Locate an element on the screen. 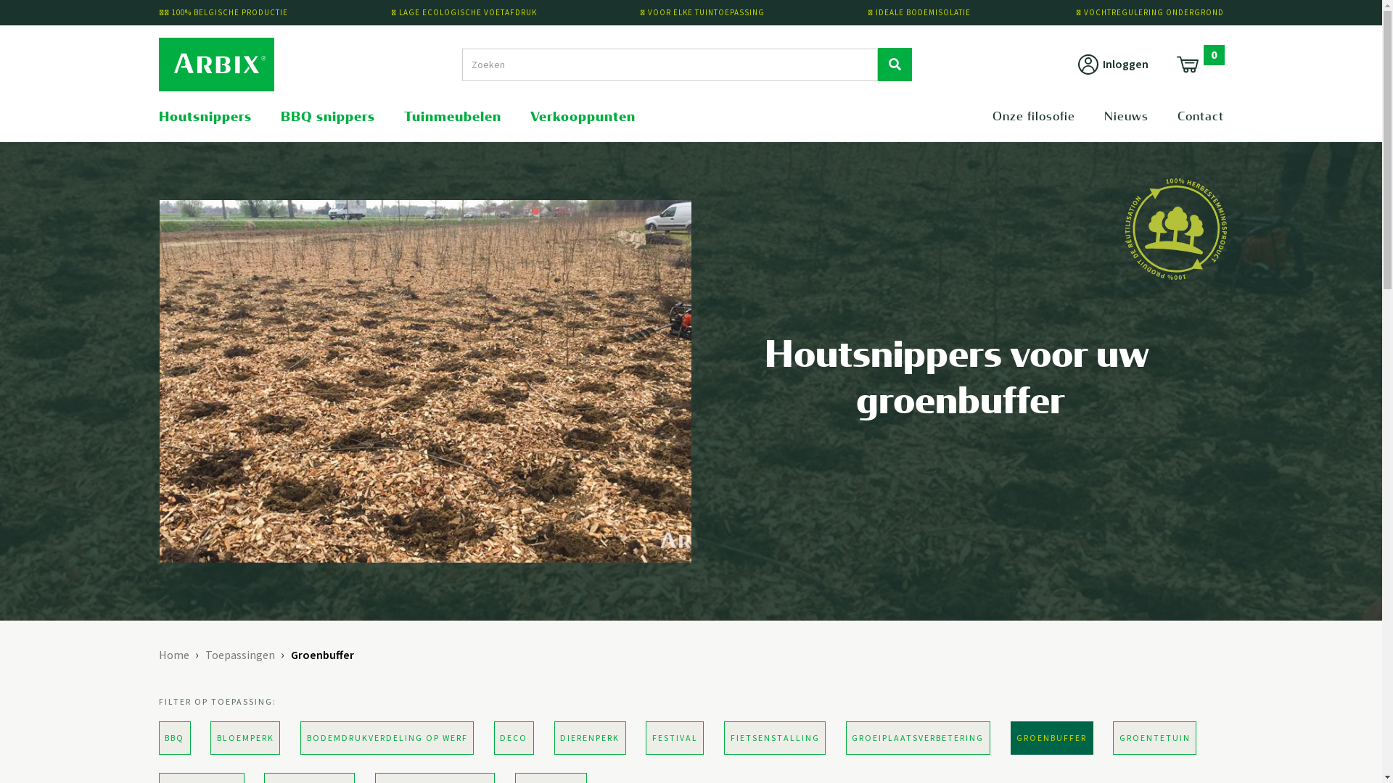 This screenshot has width=1393, height=783. 'Inloggen' is located at coordinates (1111, 63).